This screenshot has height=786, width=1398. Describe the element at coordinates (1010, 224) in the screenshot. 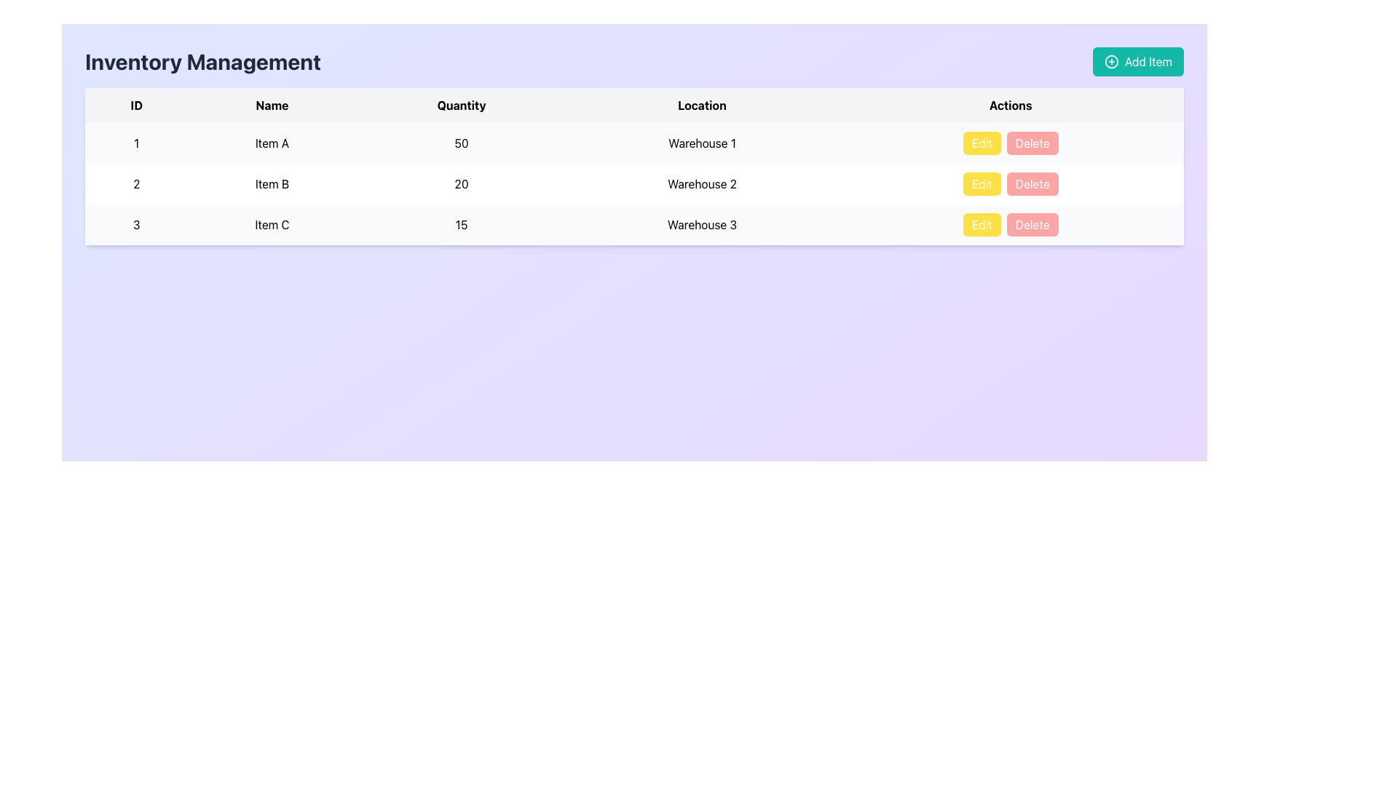

I see `the 'Edit' button in the actions column of the third row associated with 'Item C' to modify its details` at that location.